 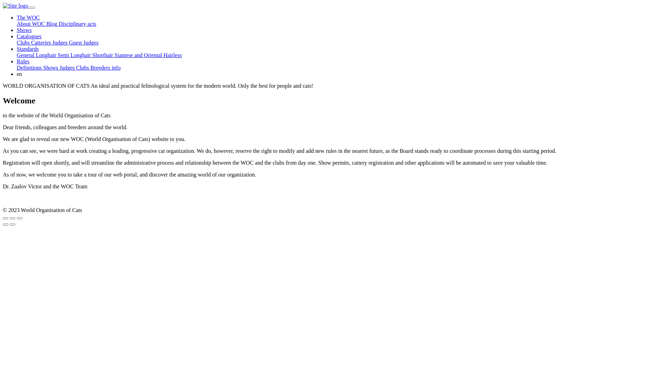 I want to click on 'Shows', so click(x=24, y=30).